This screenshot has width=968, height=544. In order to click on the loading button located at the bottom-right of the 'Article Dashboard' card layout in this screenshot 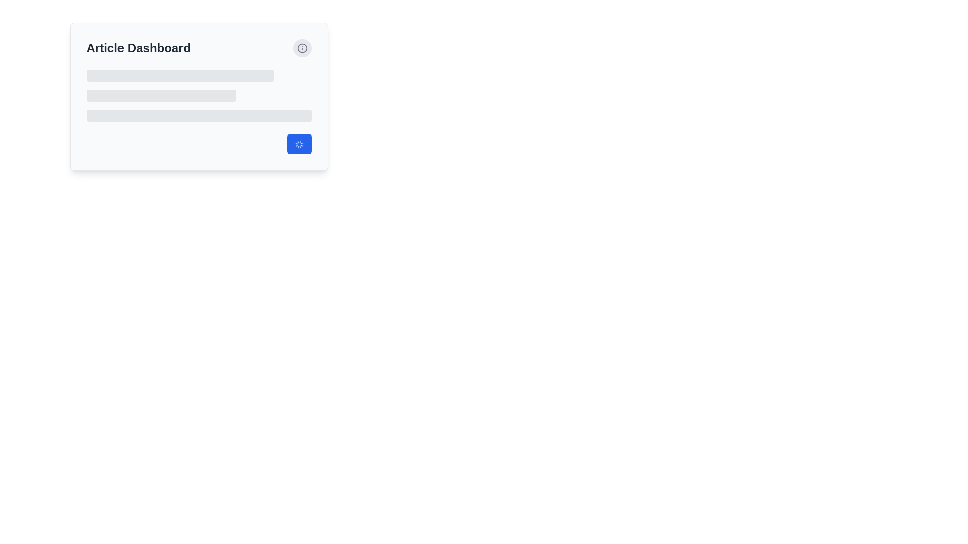, I will do `click(298, 144)`.